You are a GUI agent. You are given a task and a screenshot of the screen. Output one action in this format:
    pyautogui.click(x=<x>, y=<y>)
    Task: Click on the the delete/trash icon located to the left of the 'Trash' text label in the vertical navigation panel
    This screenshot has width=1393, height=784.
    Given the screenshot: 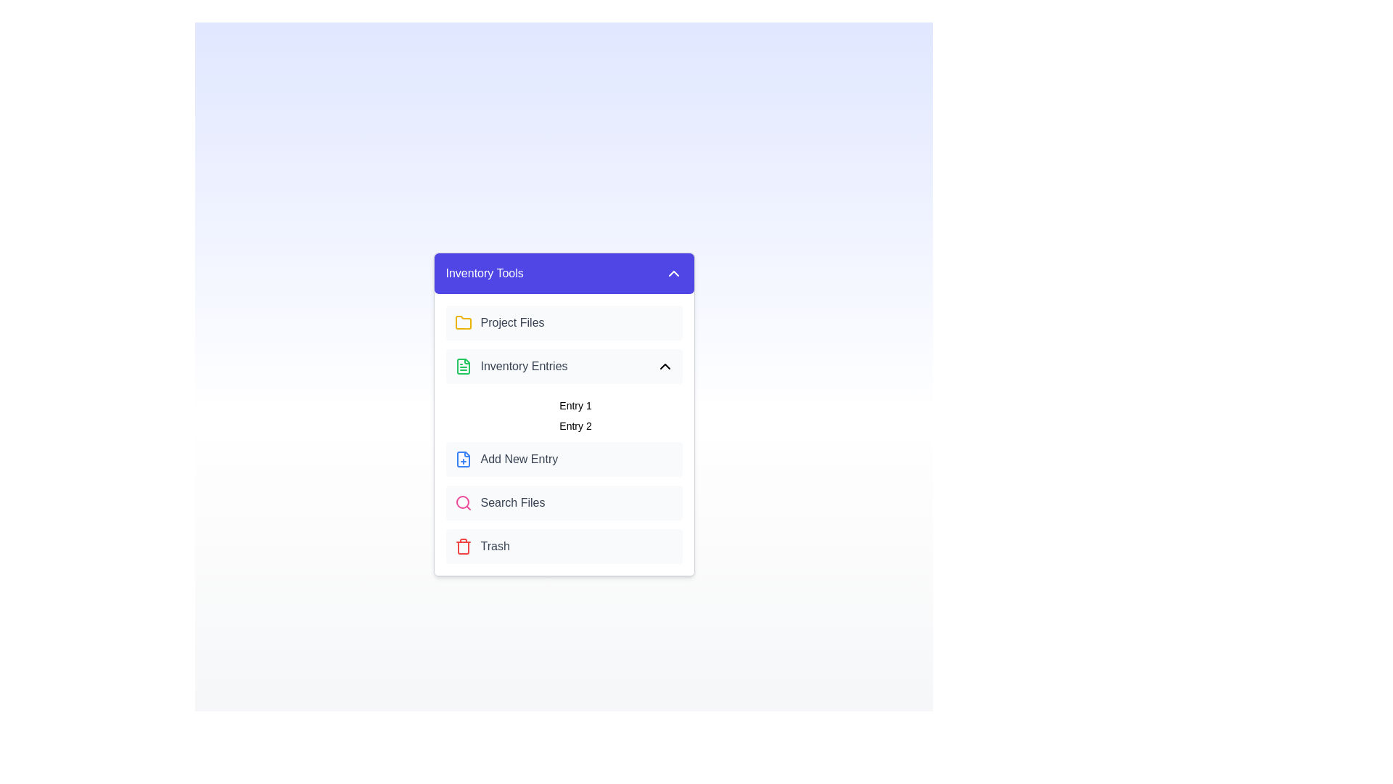 What is the action you would take?
    pyautogui.click(x=462, y=546)
    